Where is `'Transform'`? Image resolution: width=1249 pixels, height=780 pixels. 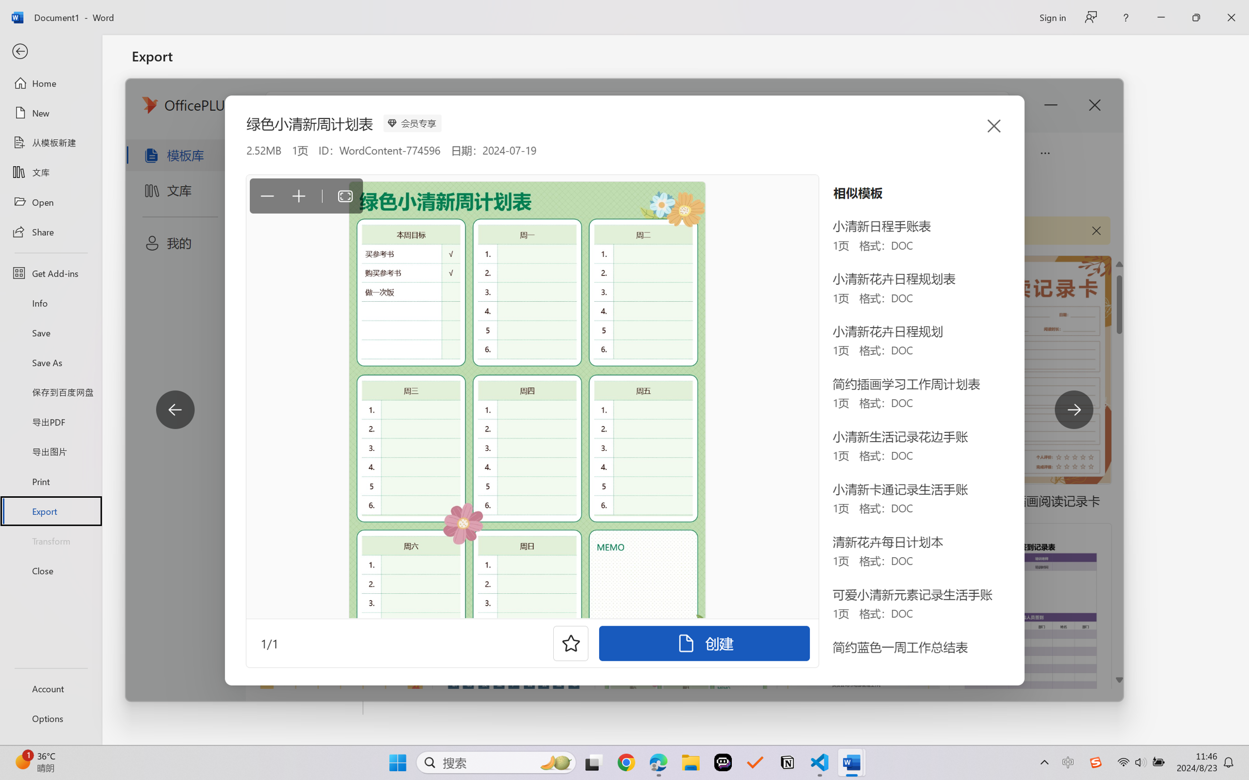 'Transform' is located at coordinates (50, 540).